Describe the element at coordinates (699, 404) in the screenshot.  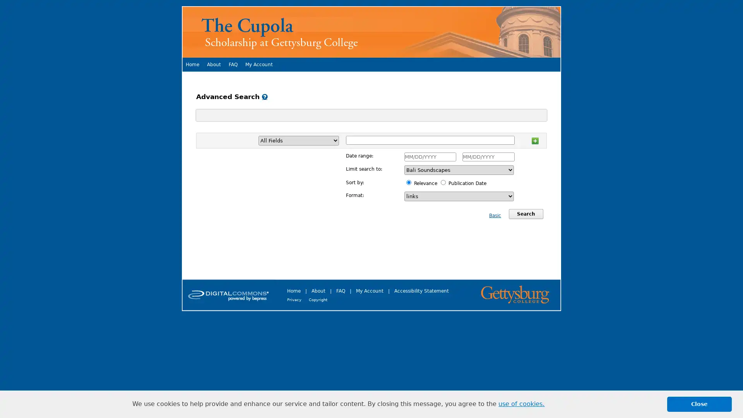
I see `dismiss cookie message` at that location.